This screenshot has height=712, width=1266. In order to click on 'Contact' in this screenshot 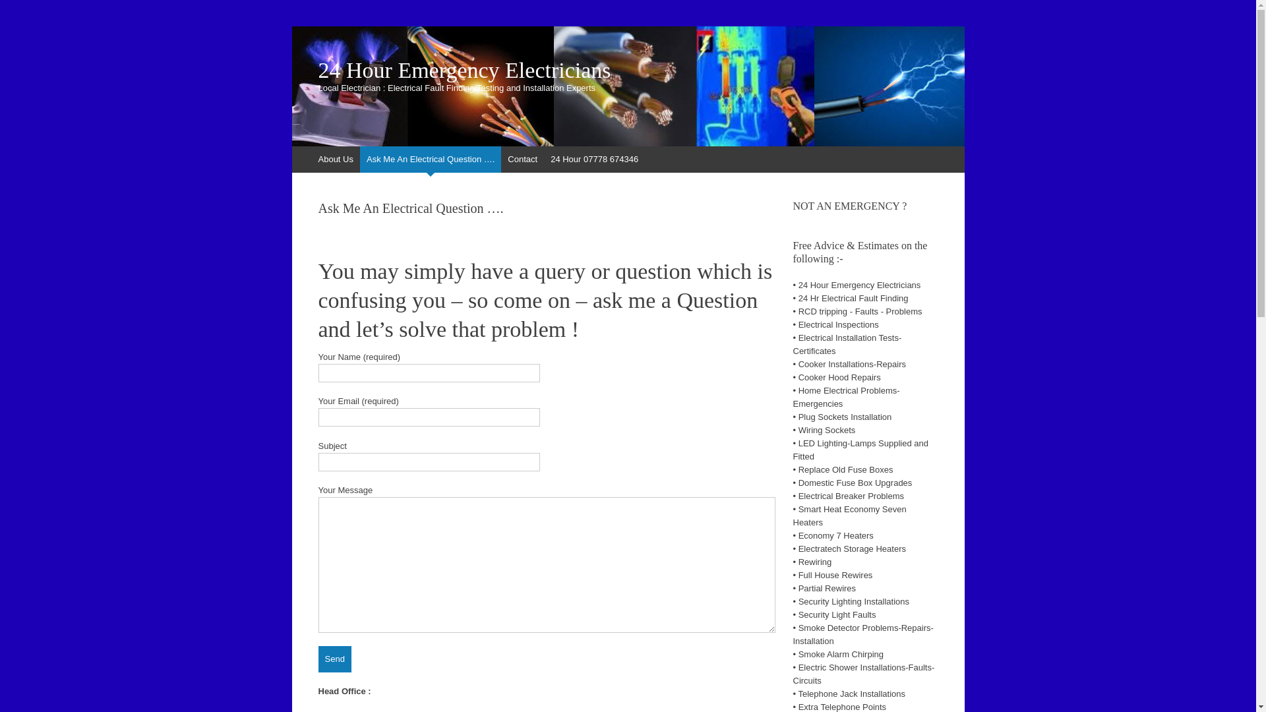, I will do `click(522, 159)`.